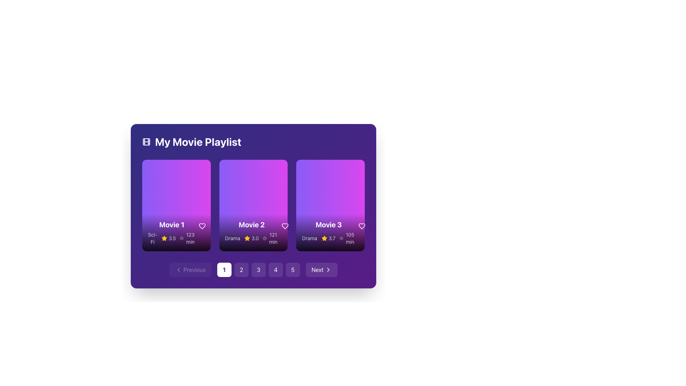 The image size is (686, 386). Describe the element at coordinates (252, 238) in the screenshot. I see `the information of the 'Drama' text grouping with icons element that includes a yellow star icon with a rating of '3.0' and a clock icon with a runtime of '121 min', located below the title 'Movie 2'` at that location.